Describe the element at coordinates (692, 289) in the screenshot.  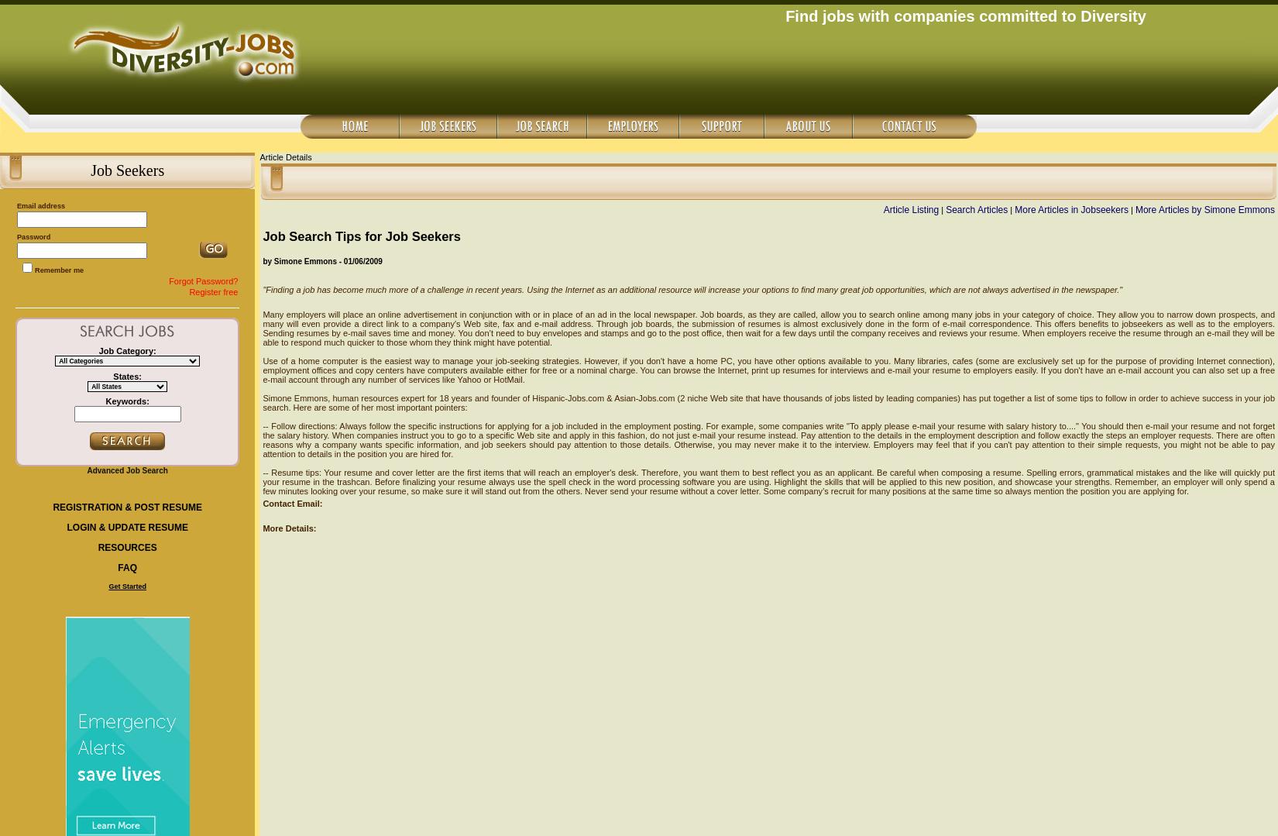
I see `'"Finding a job has become much more of a challenge in recent years. Using the Internet as an additional resource will increase your options to find many great job opportunities, which are not always advertised in the newspaper."'` at that location.